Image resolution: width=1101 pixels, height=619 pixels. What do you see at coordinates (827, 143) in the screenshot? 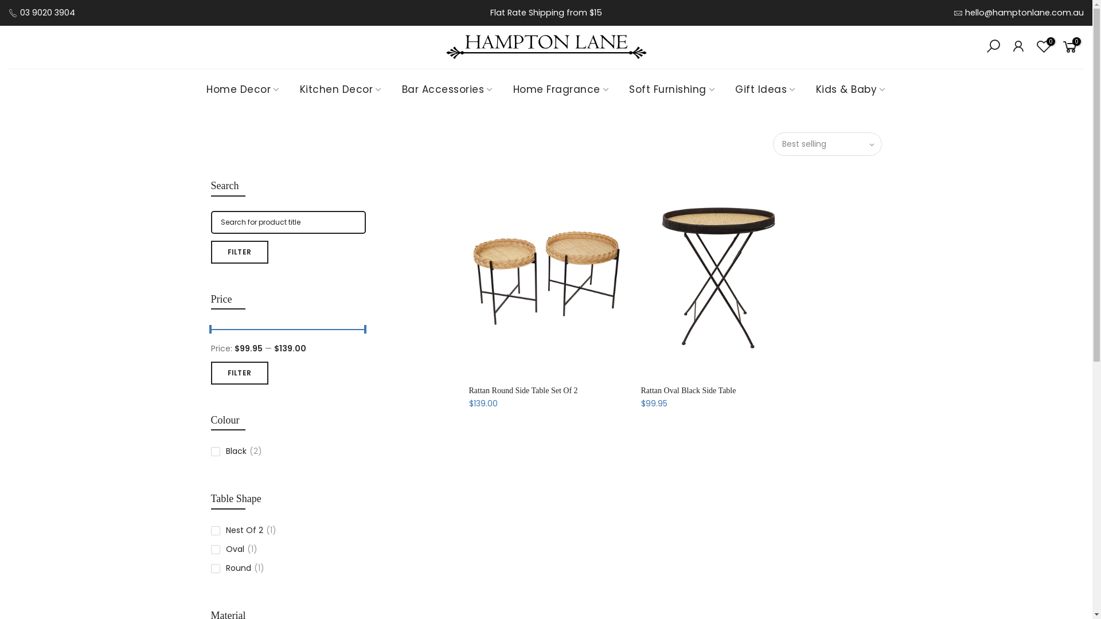
I see `'Best selling'` at bounding box center [827, 143].